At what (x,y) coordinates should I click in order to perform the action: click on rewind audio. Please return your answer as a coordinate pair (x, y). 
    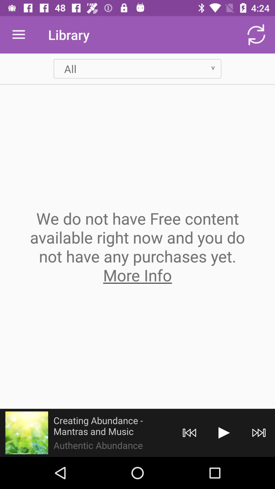
    Looking at the image, I should click on (189, 432).